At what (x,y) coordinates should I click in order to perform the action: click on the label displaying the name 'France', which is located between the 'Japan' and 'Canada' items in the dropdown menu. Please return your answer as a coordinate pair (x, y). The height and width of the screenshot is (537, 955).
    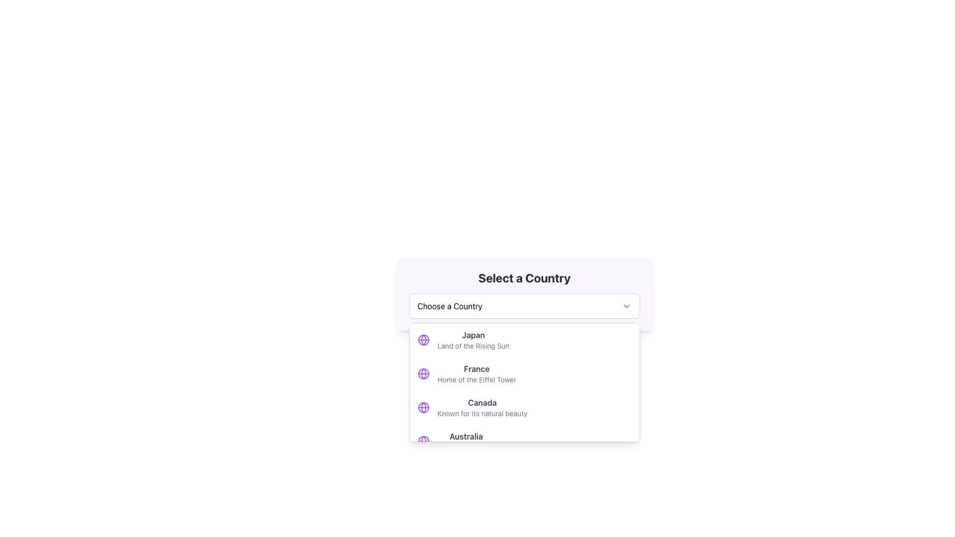
    Looking at the image, I should click on (476, 368).